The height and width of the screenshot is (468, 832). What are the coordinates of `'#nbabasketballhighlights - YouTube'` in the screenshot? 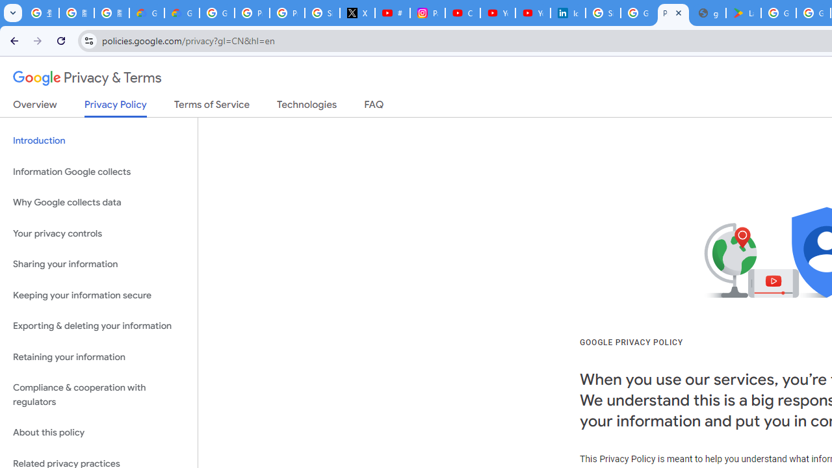 It's located at (392, 13).